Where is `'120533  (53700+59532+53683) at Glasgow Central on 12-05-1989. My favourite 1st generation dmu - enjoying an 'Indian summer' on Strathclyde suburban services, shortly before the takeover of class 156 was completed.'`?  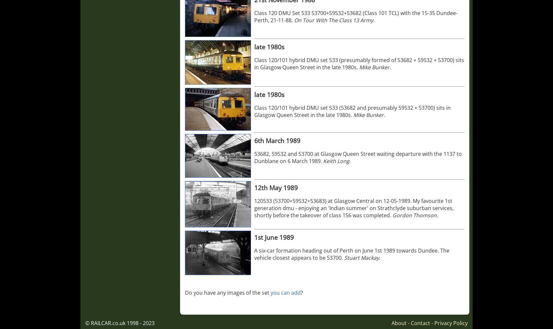 '120533  (53700+59532+53683) at Glasgow Central on 12-05-1989. My favourite 1st generation dmu - enjoying an 'Indian summer' on Strathclyde suburban services, shortly before the takeover of class 156 was completed.' is located at coordinates (354, 208).